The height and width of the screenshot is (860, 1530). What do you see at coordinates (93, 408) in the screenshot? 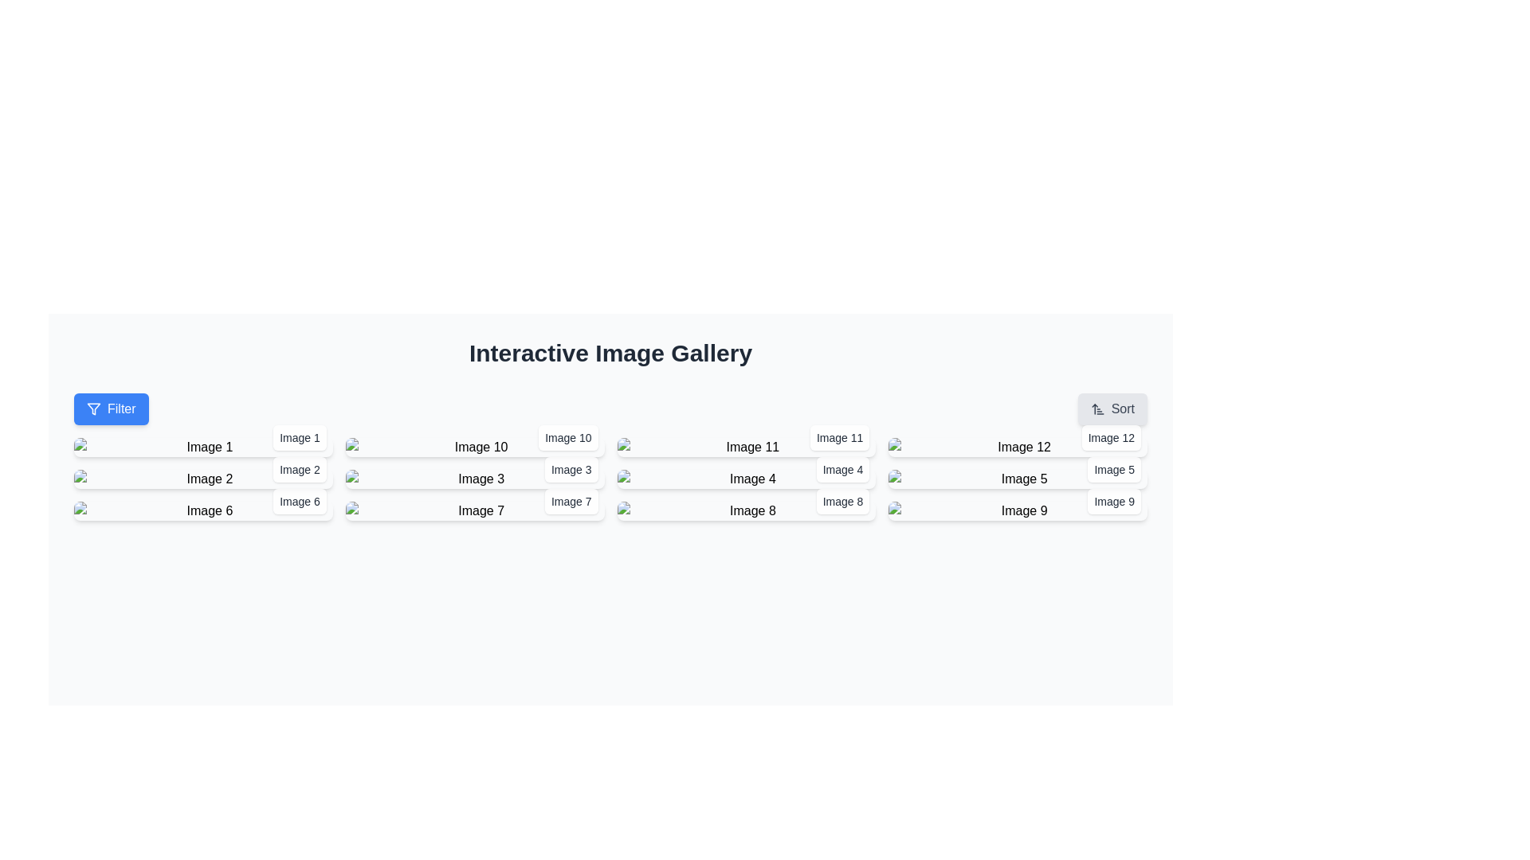
I see `the filter icon located in the top-left corner of the interface within the button labeled 'Filter'` at bounding box center [93, 408].